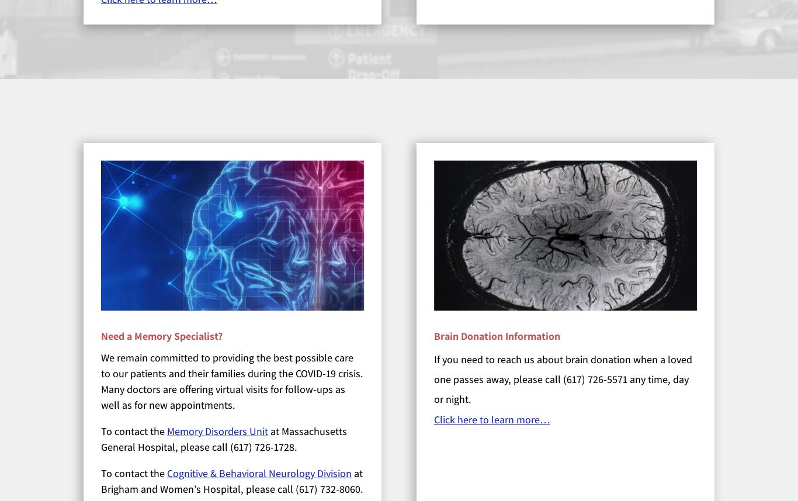  I want to click on 'at Brigham and Women’s Hospital, please call (617) 732-8060.', so click(231, 479).